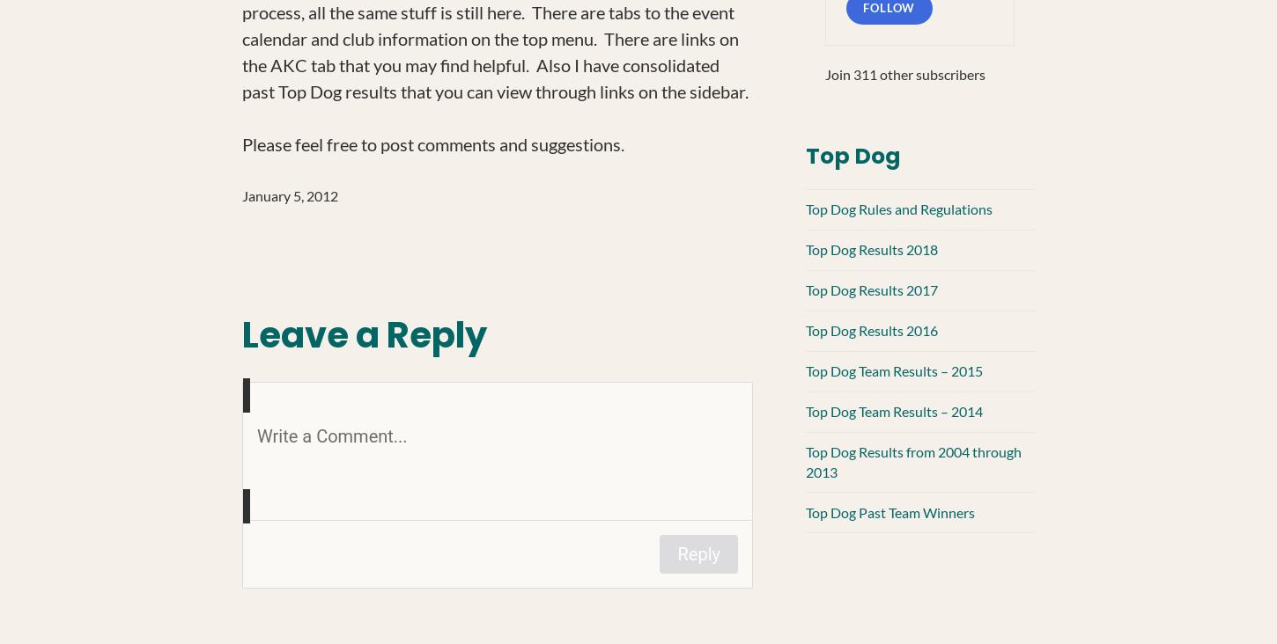  I want to click on 'January 5, 2012', so click(242, 194).